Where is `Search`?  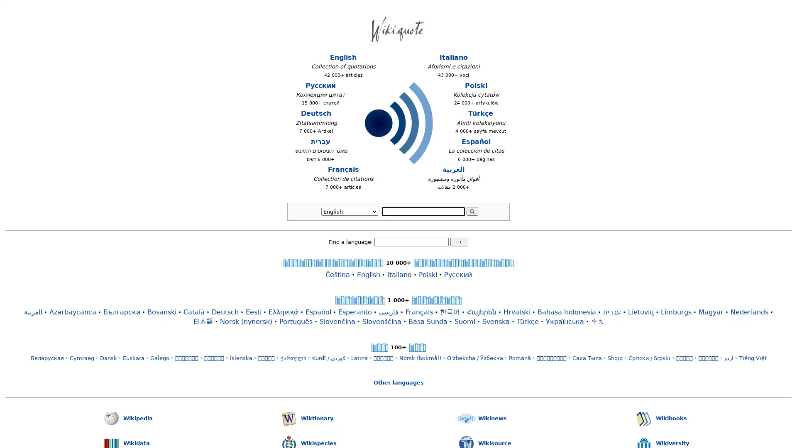
Search is located at coordinates (472, 211).